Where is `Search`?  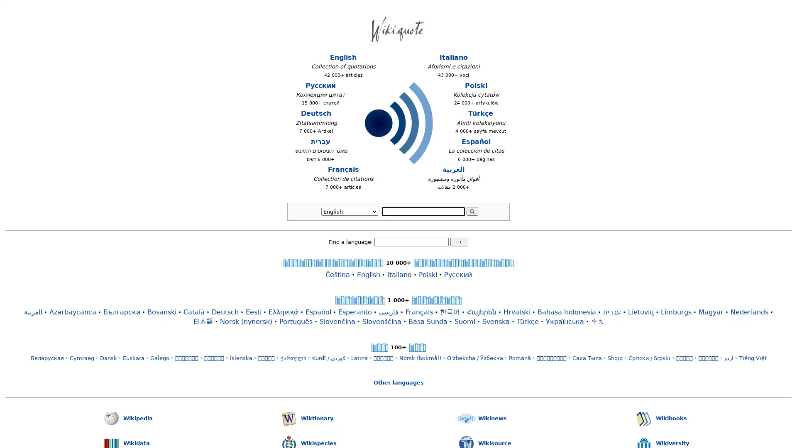
Search is located at coordinates (472, 211).